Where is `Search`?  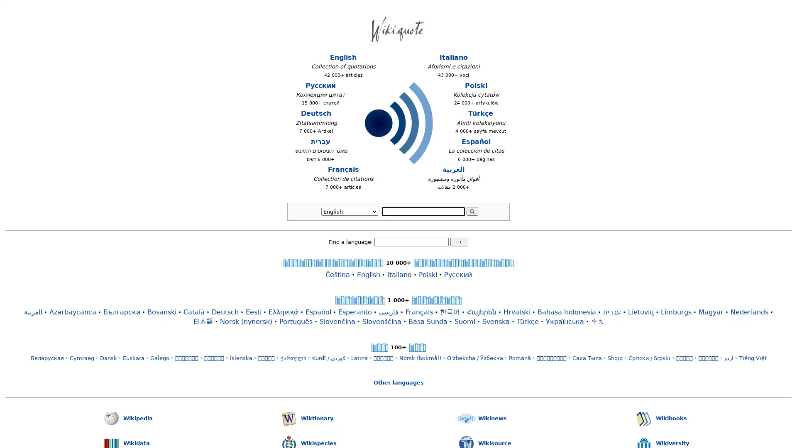
Search is located at coordinates (472, 211).